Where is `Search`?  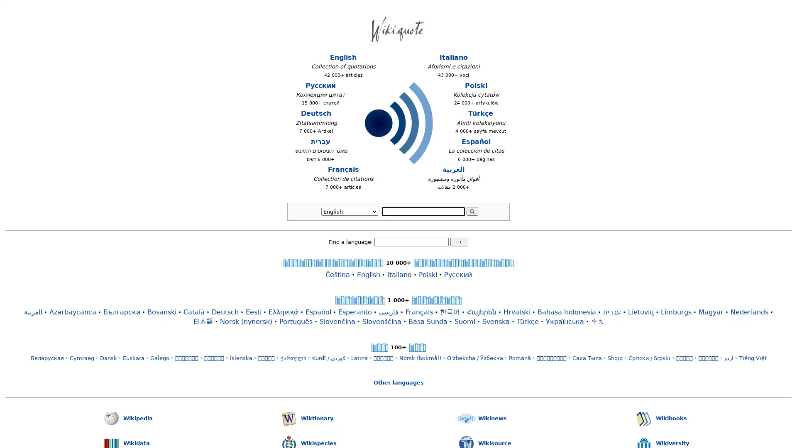
Search is located at coordinates (472, 211).